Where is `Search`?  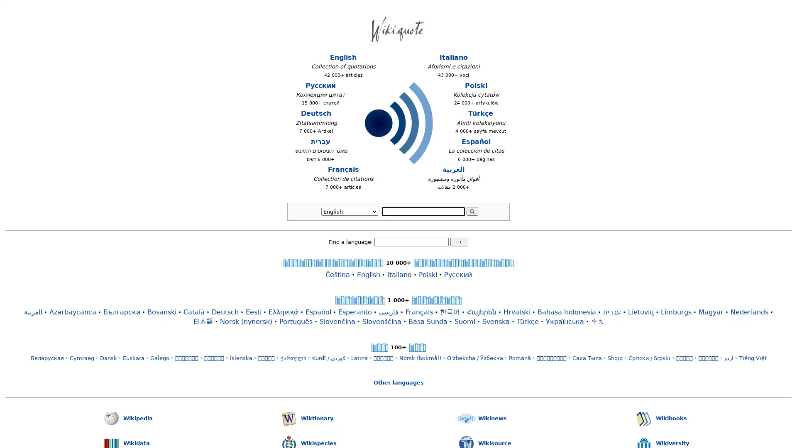
Search is located at coordinates (472, 211).